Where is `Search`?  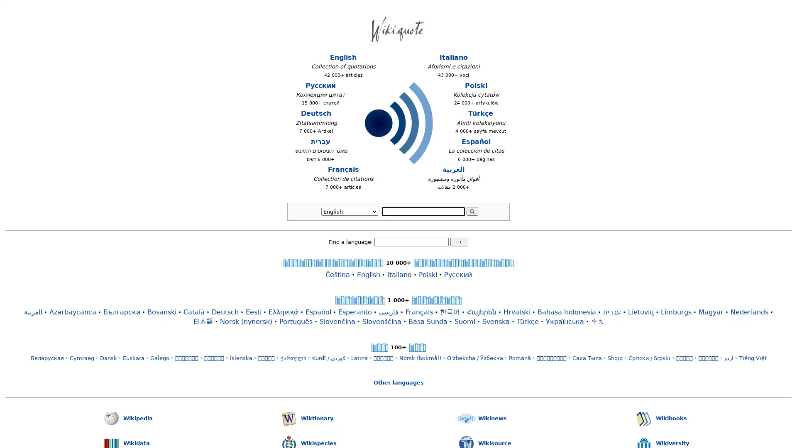
Search is located at coordinates (472, 211).